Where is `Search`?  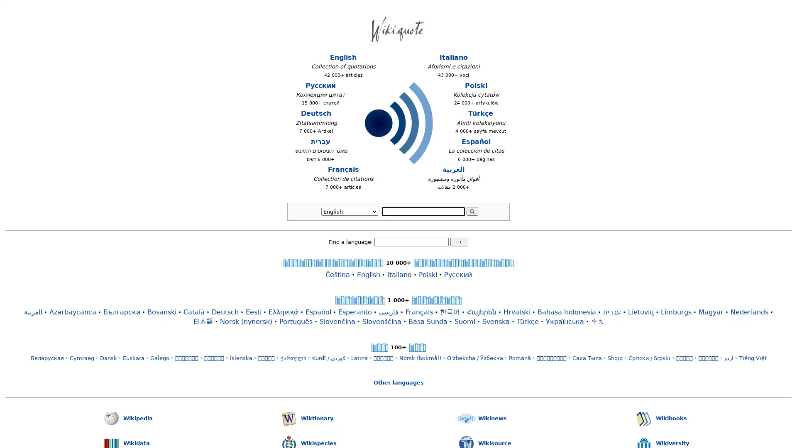
Search is located at coordinates (472, 211).